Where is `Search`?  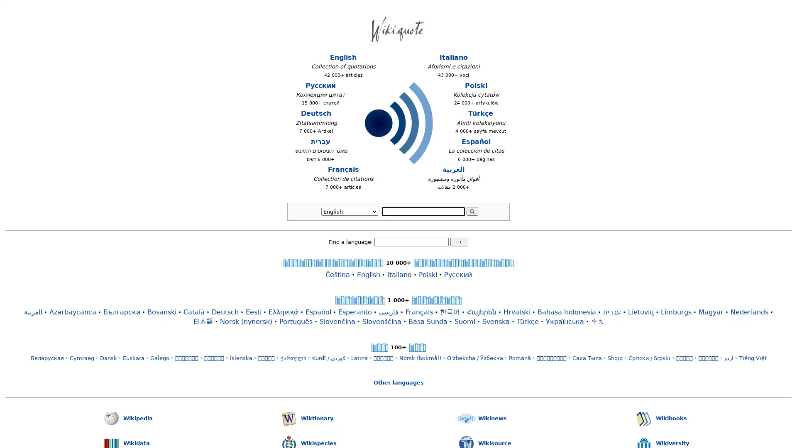
Search is located at coordinates (472, 211).